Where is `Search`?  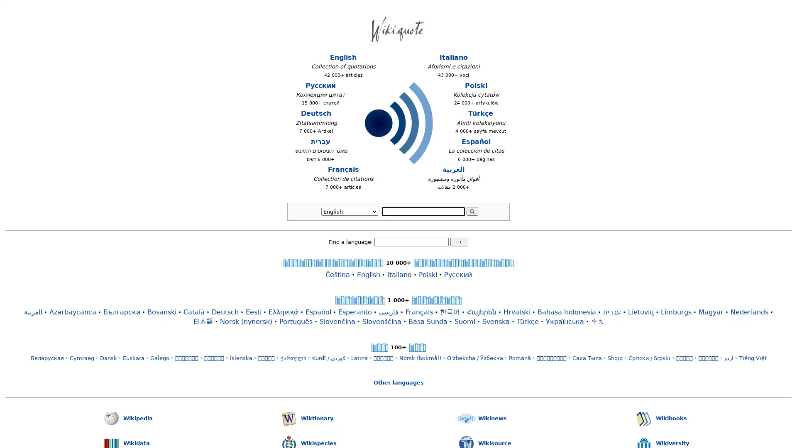
Search is located at coordinates (472, 211).